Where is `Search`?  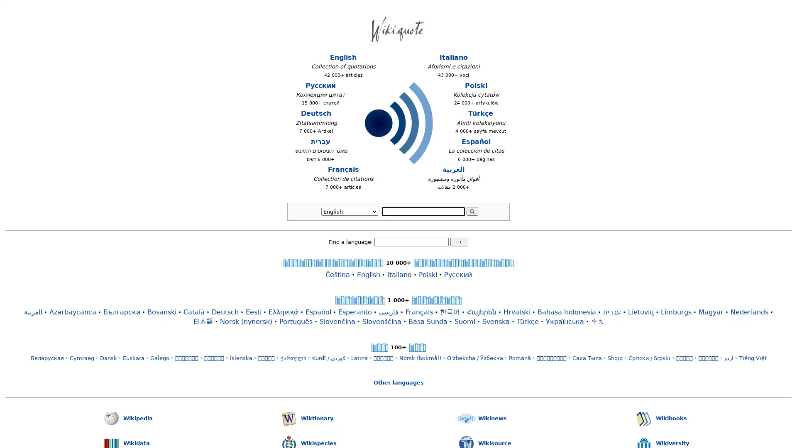
Search is located at coordinates (472, 211).